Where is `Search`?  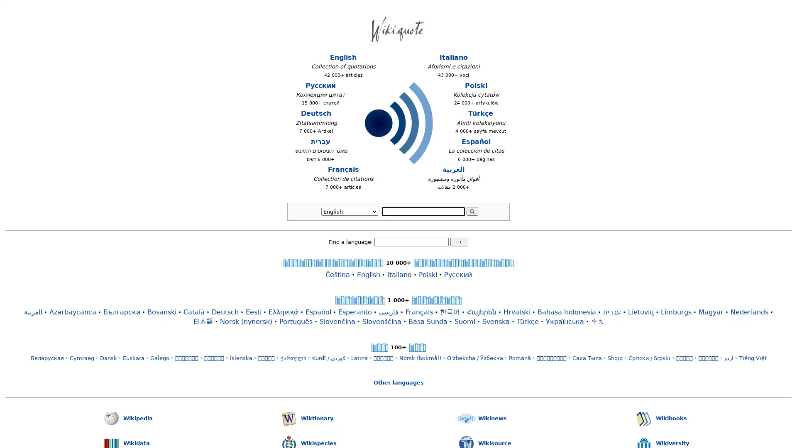
Search is located at coordinates (472, 211).